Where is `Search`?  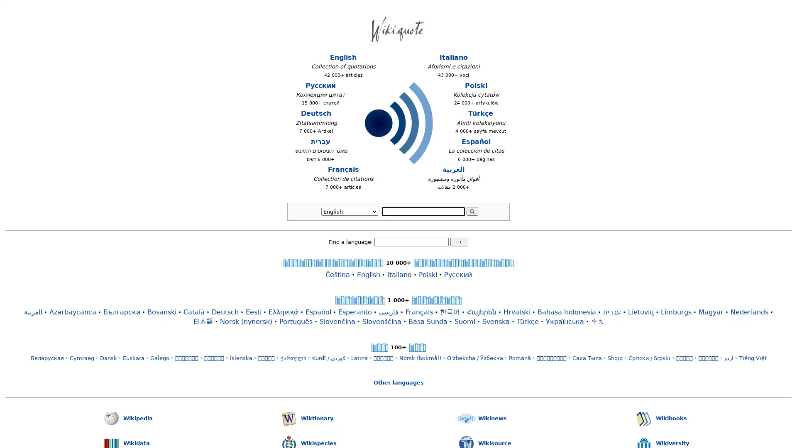
Search is located at coordinates (472, 211).